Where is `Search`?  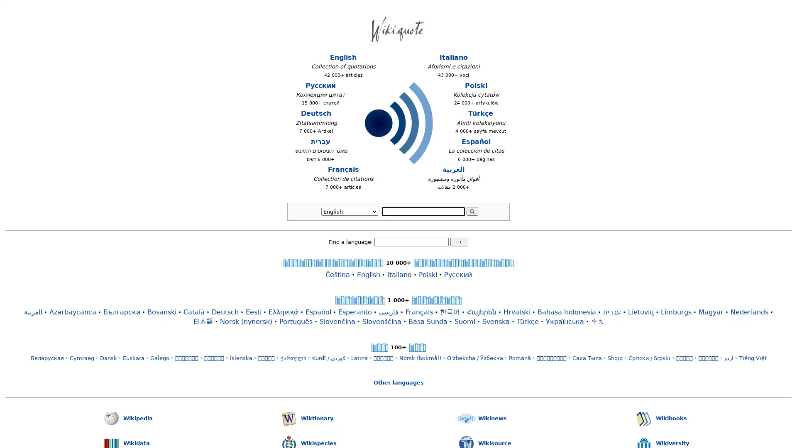
Search is located at coordinates (472, 211).